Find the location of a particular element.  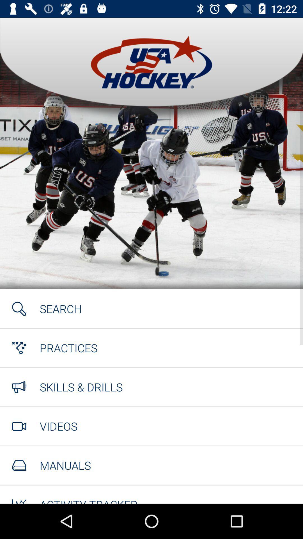

activity tracker item is located at coordinates (88, 500).